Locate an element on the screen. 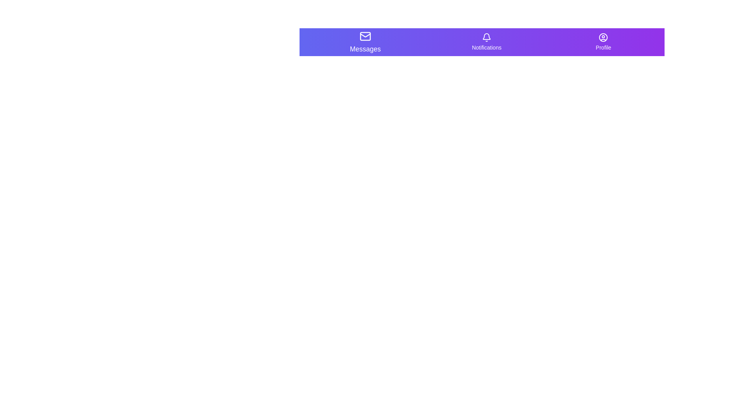 The width and height of the screenshot is (744, 418). the navigation item Messages is located at coordinates (365, 42).